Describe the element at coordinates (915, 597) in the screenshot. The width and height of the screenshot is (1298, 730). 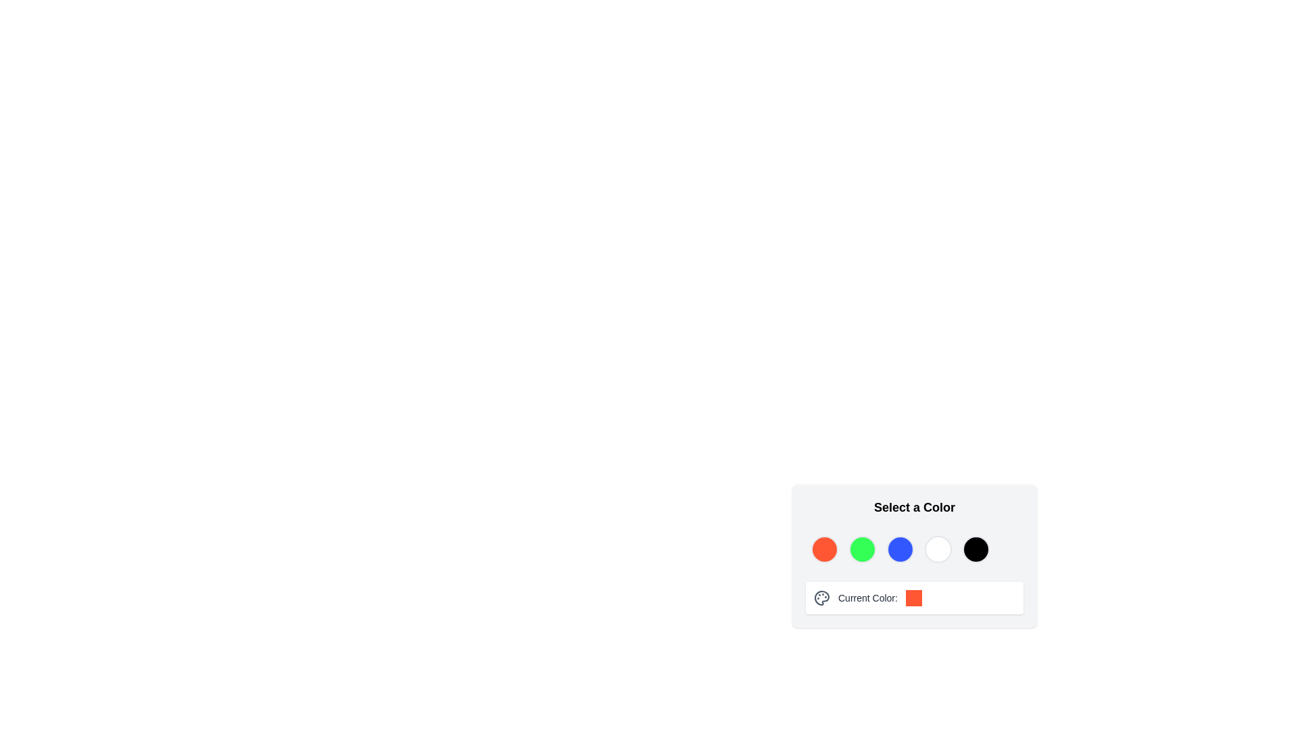
I see `the displayed color information in the Information display area which includes an icon of a palette, the text 'Current Color:', and a vibrant orange colored box` at that location.